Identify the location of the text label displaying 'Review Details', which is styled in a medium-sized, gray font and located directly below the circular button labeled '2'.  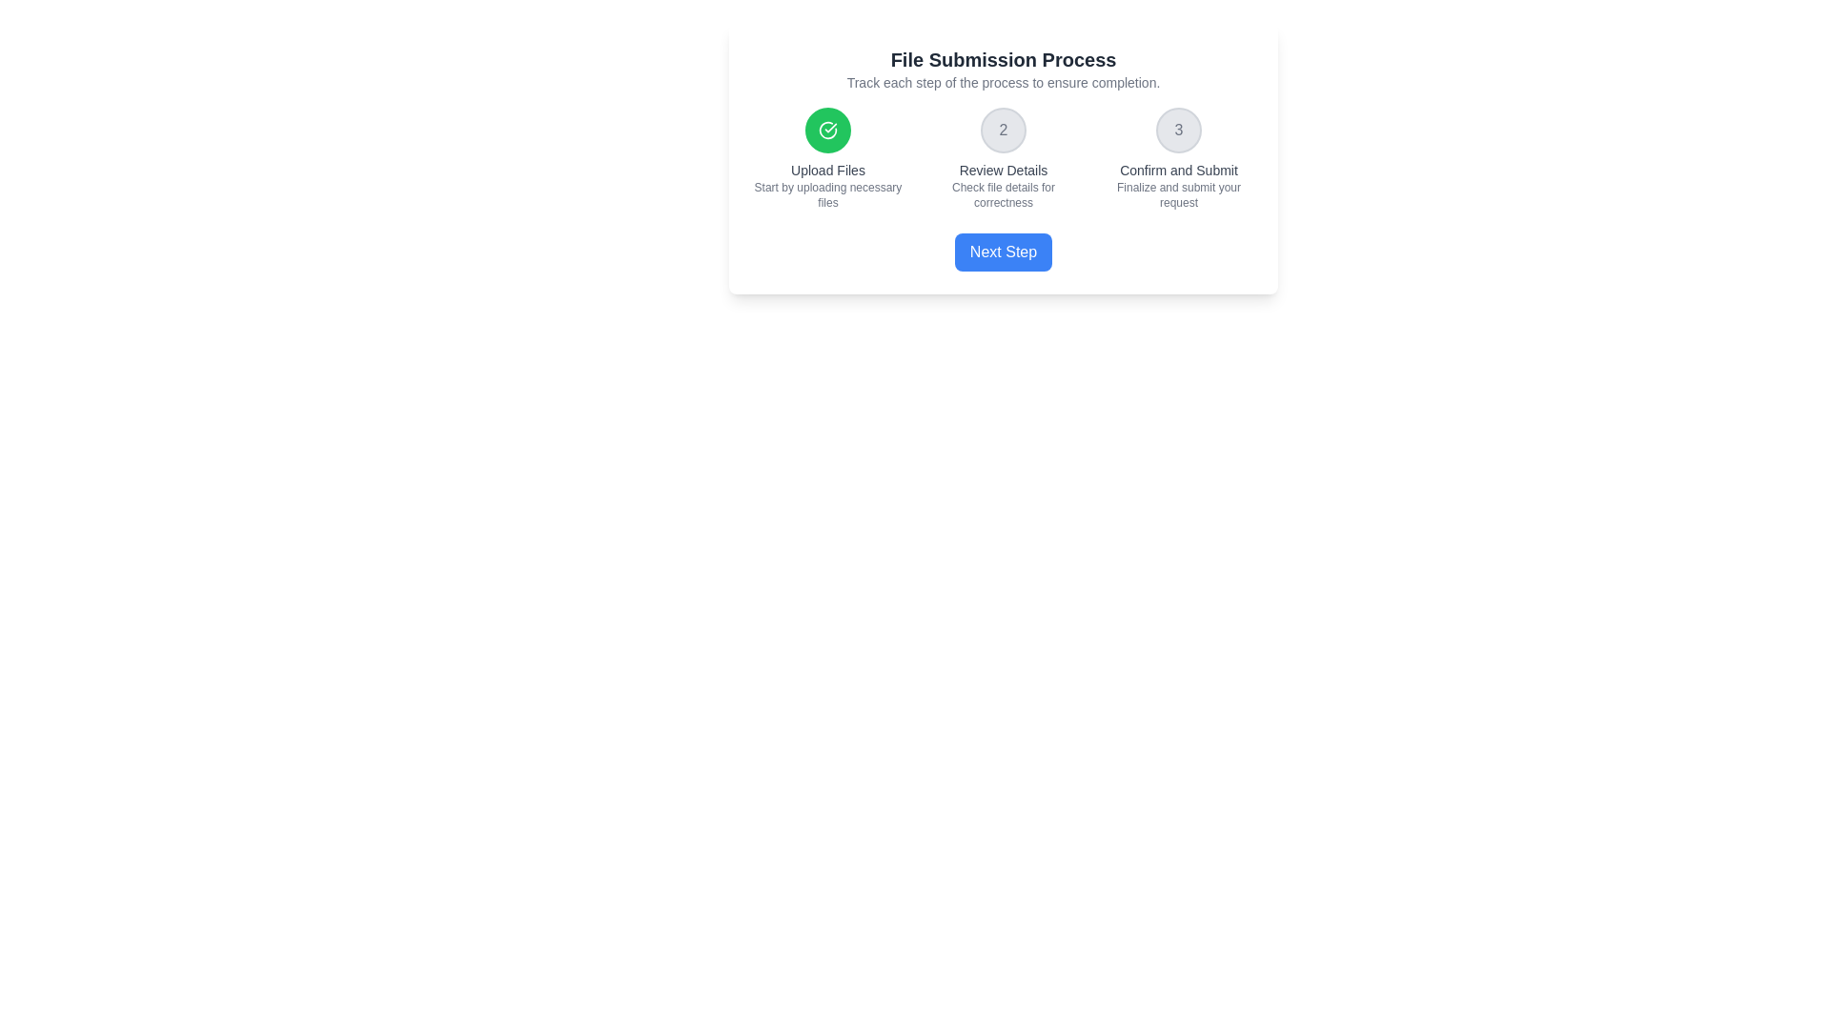
(1002, 169).